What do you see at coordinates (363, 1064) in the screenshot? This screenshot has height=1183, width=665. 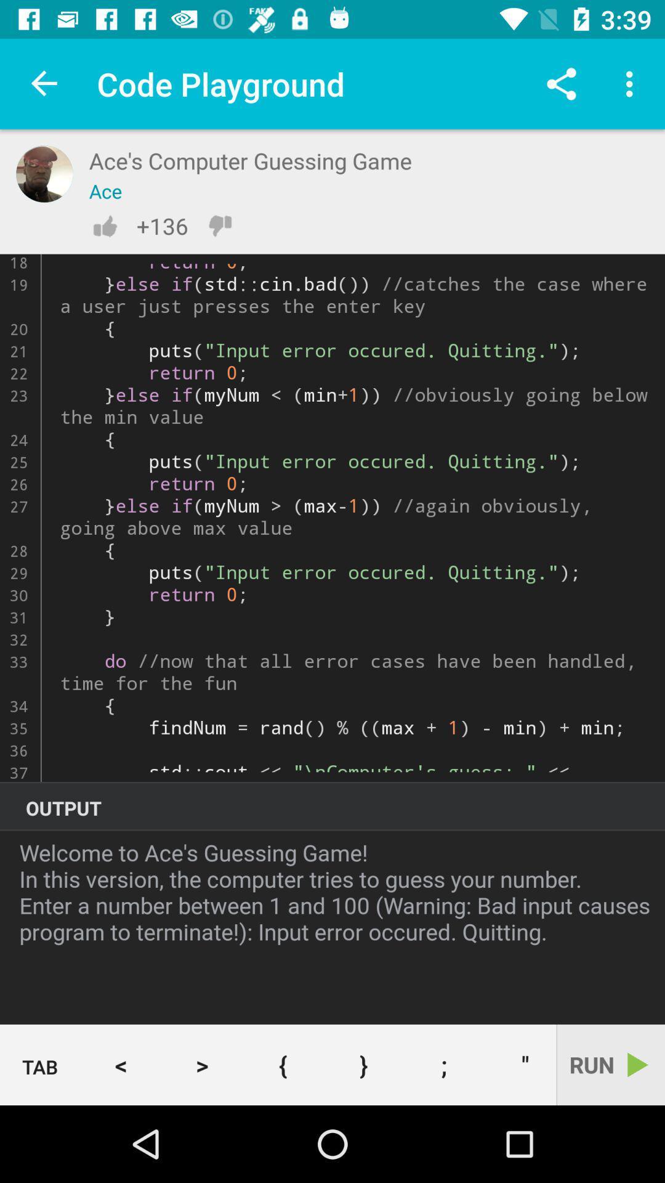 I see `the item to the right of the { item` at bounding box center [363, 1064].